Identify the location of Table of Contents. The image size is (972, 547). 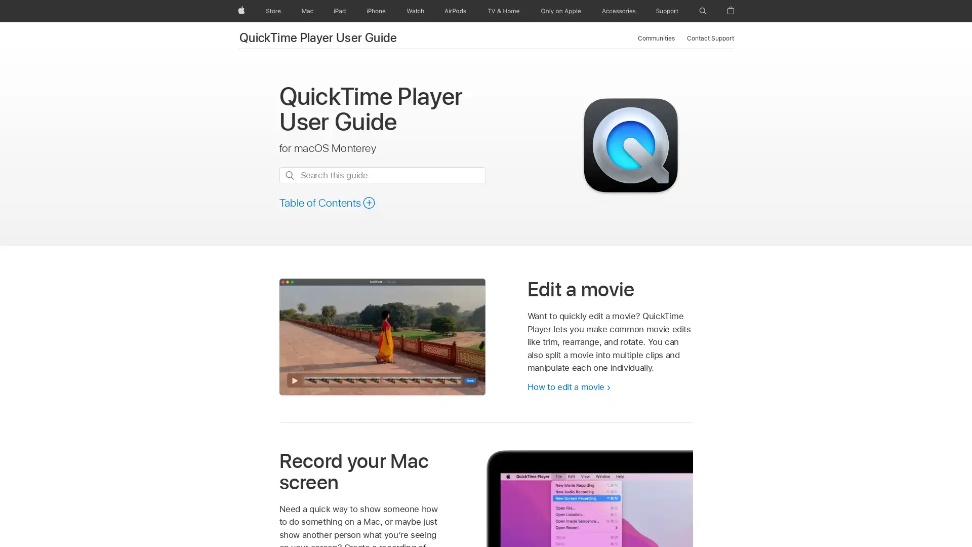
(327, 203).